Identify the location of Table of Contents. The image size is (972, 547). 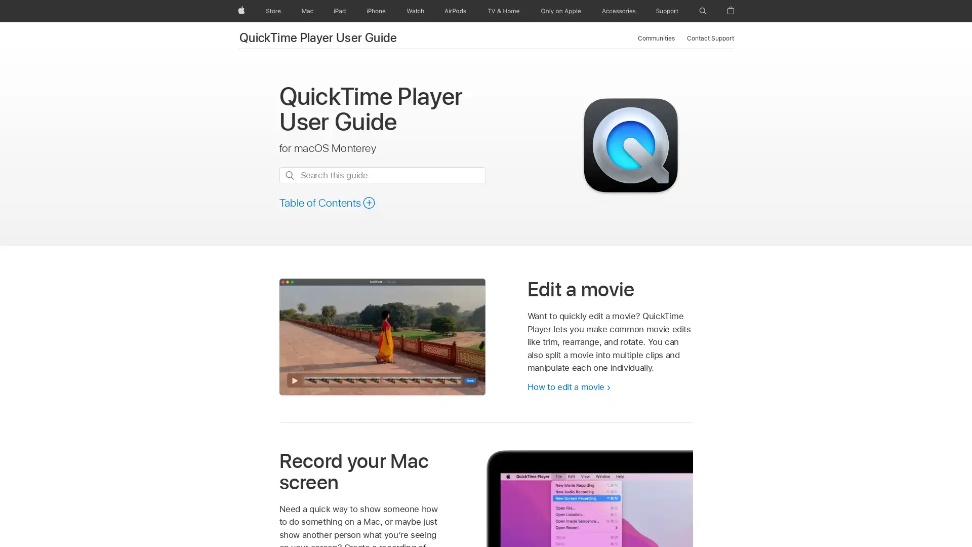
(327, 203).